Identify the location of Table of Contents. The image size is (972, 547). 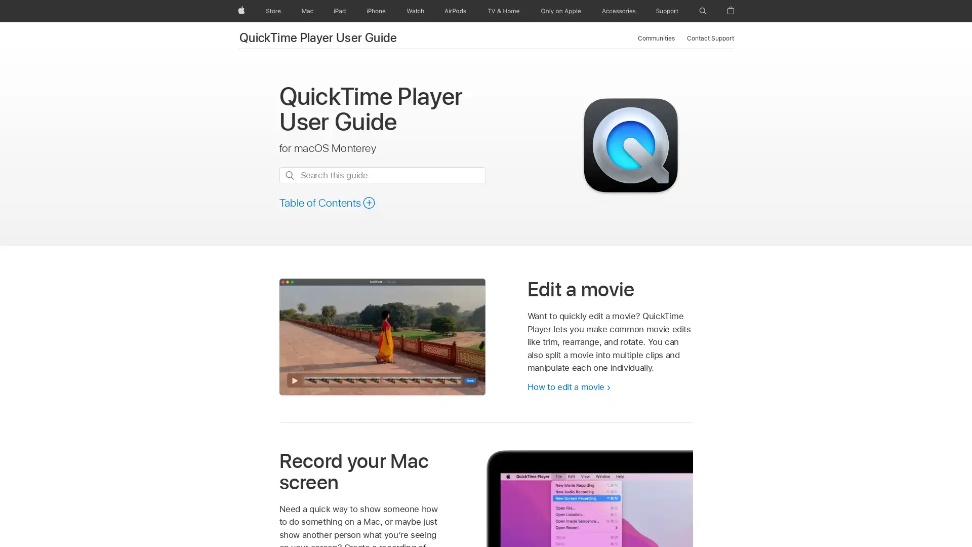
(327, 203).